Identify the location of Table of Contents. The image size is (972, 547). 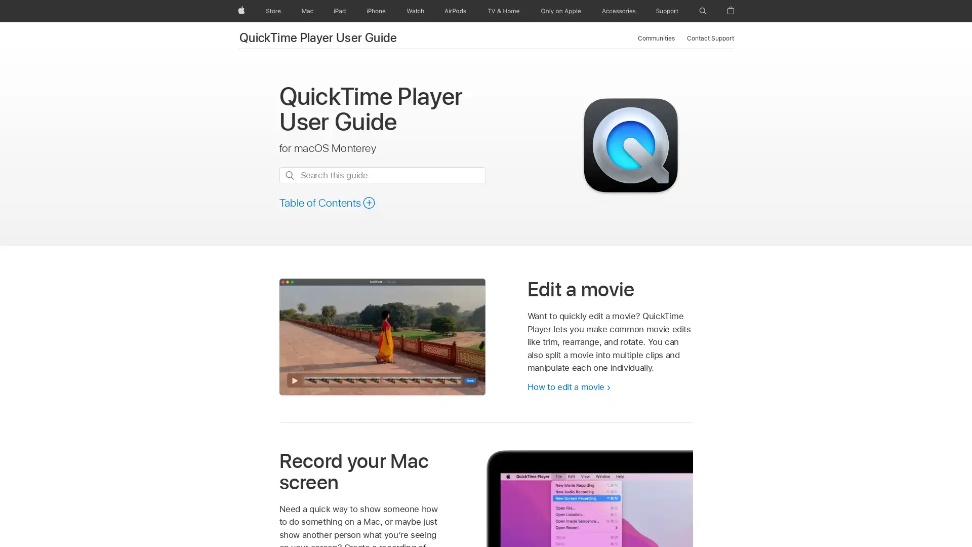
(327, 203).